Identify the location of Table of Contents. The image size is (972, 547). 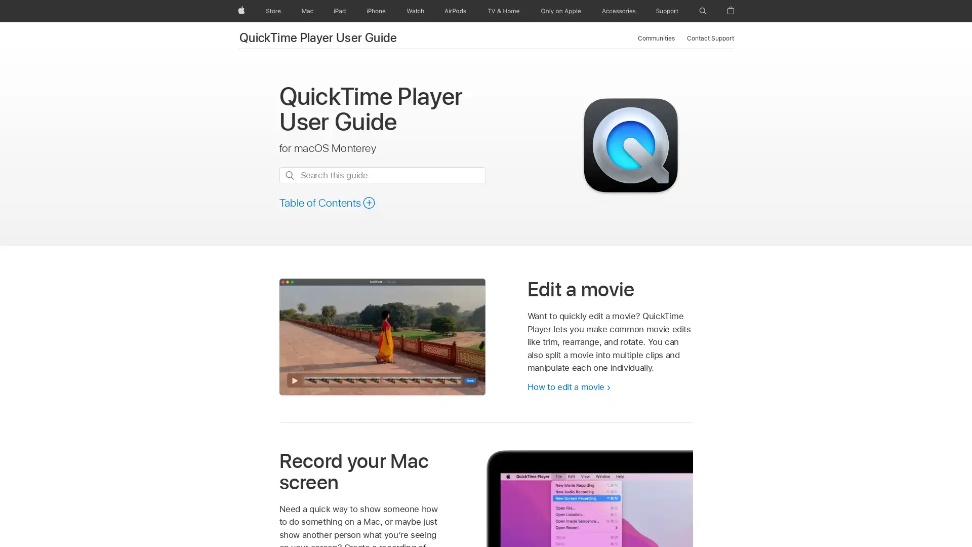
(327, 203).